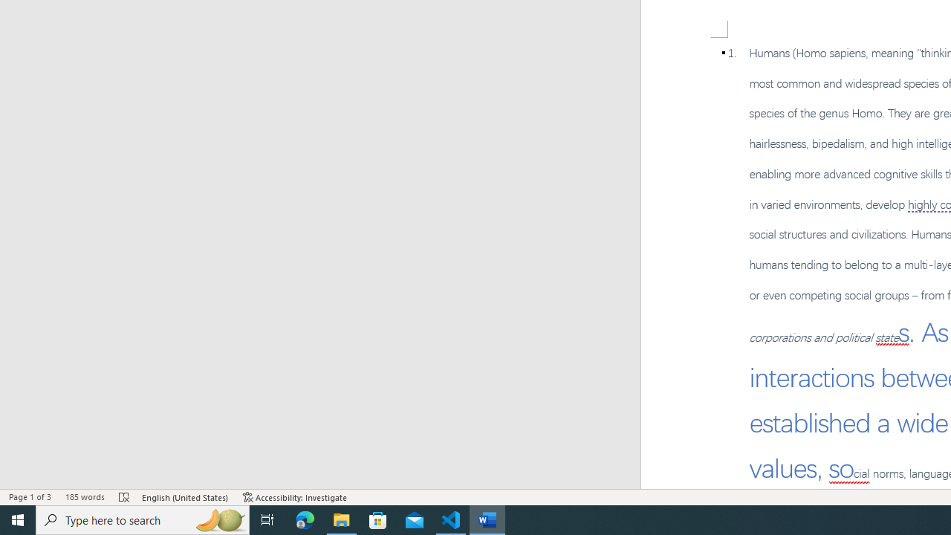 This screenshot has width=951, height=535. What do you see at coordinates (125, 497) in the screenshot?
I see `'Spelling and Grammar Check Errors'` at bounding box center [125, 497].